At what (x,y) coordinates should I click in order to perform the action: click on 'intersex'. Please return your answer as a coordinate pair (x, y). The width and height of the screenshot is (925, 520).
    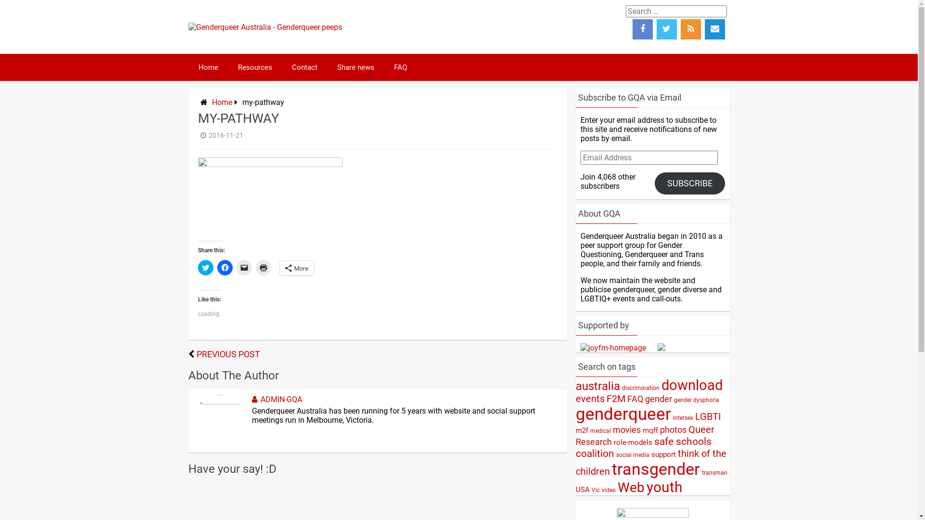
    Looking at the image, I should click on (682, 417).